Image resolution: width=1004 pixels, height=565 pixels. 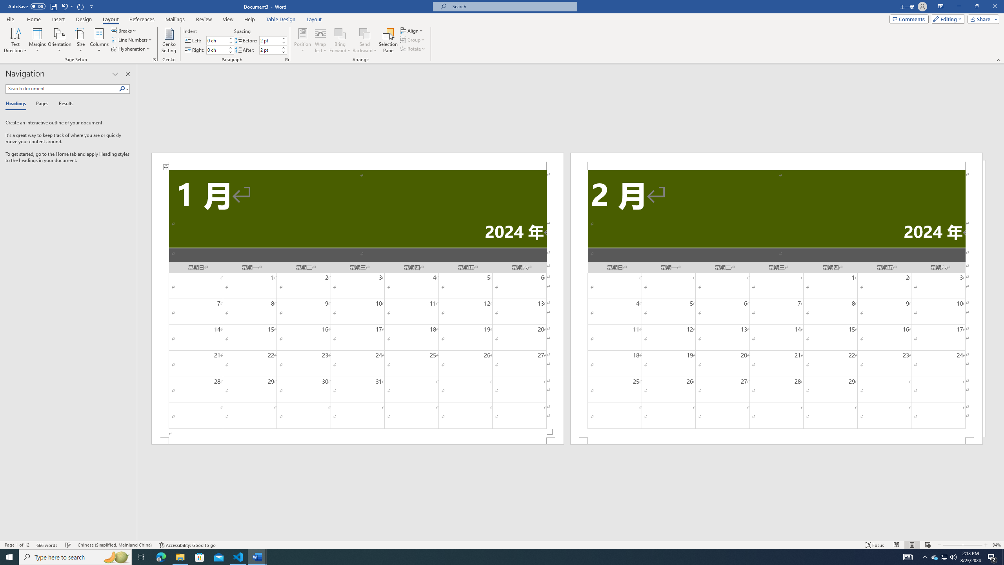 What do you see at coordinates (320, 40) in the screenshot?
I see `'Wrap Text'` at bounding box center [320, 40].